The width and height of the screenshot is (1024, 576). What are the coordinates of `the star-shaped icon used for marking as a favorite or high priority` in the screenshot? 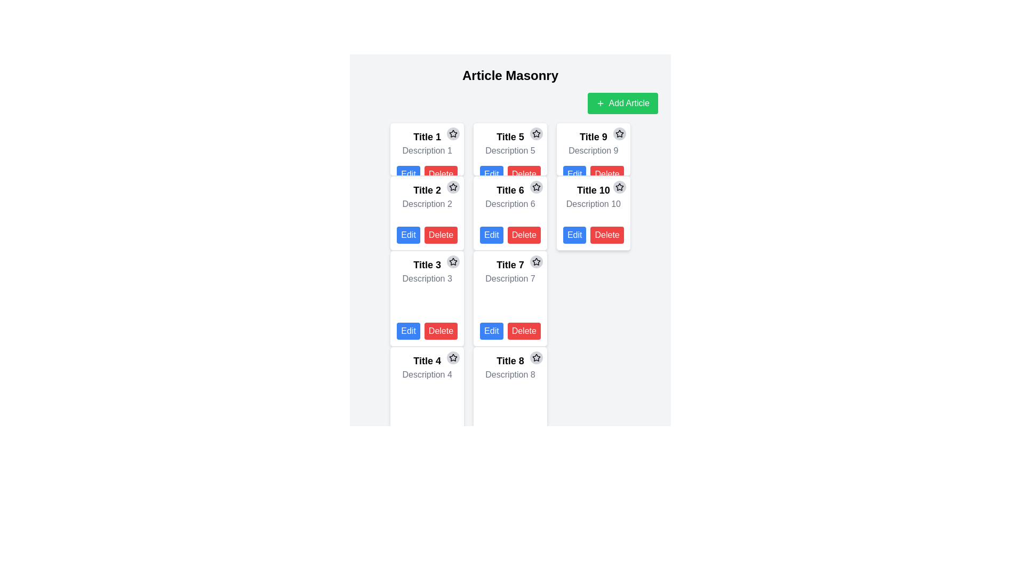 It's located at (453, 261).